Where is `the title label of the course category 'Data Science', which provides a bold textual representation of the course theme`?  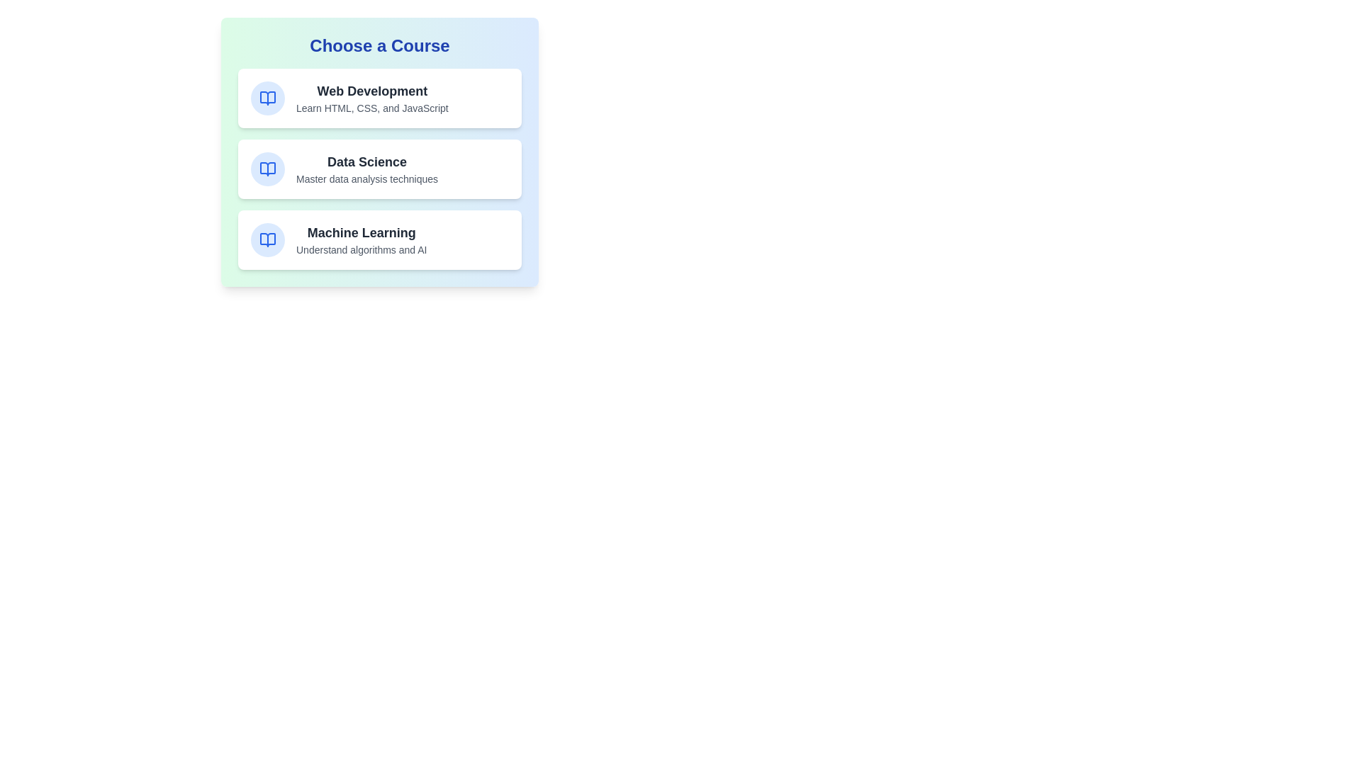 the title label of the course category 'Data Science', which provides a bold textual representation of the course theme is located at coordinates (367, 161).